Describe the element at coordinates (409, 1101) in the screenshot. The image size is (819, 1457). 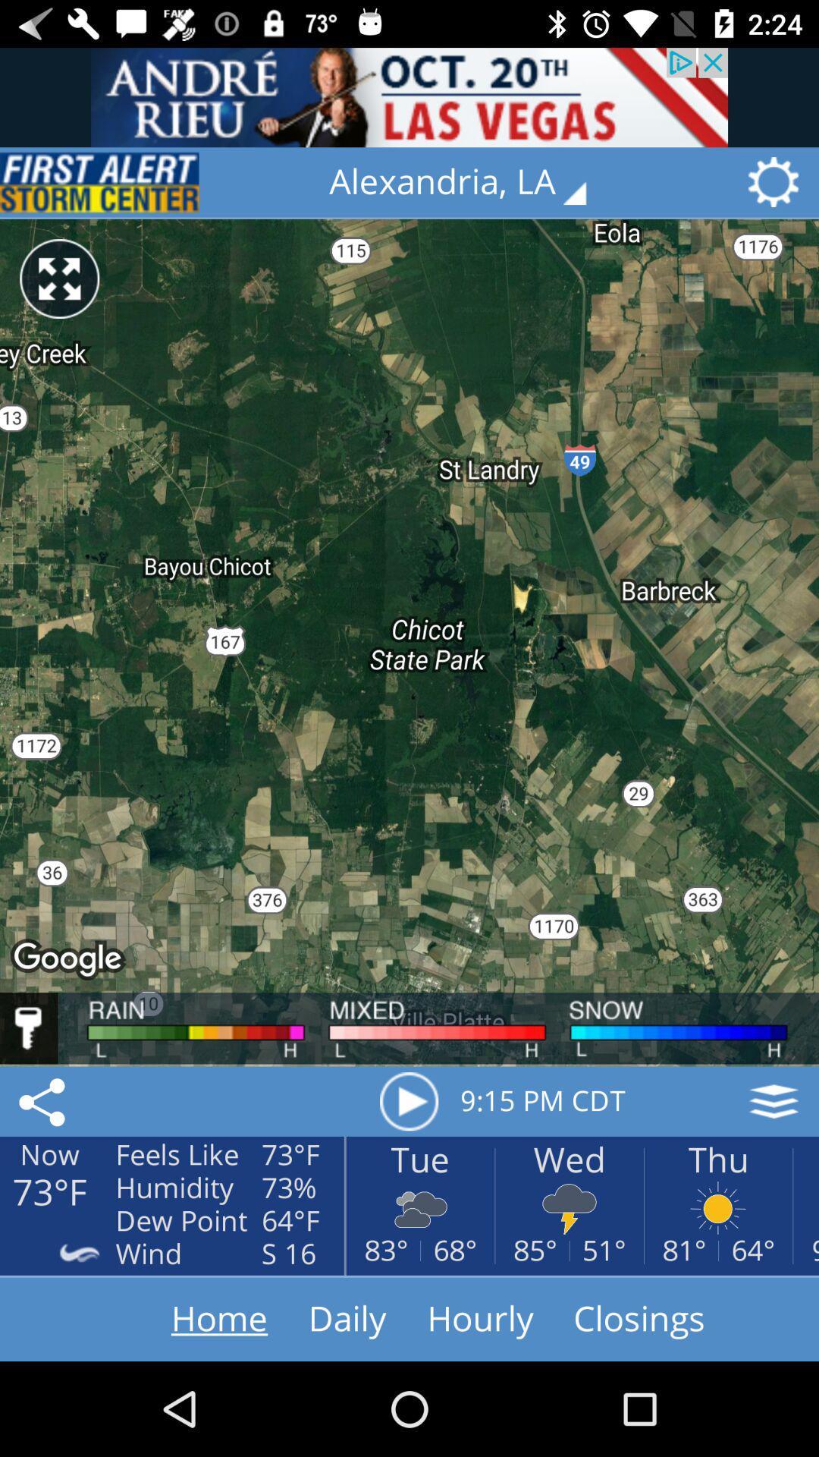
I see `play button which is beside share icon` at that location.